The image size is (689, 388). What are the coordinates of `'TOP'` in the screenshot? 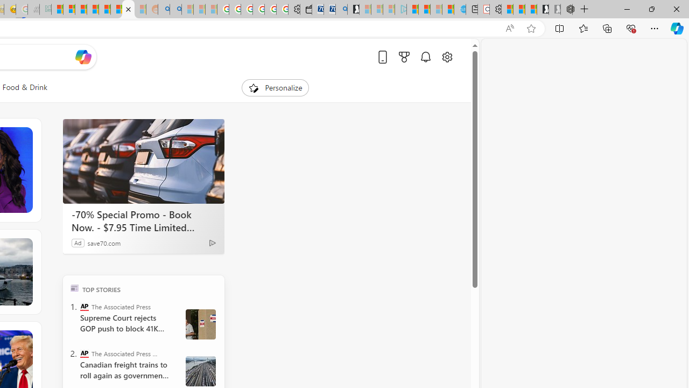 It's located at (74, 287).